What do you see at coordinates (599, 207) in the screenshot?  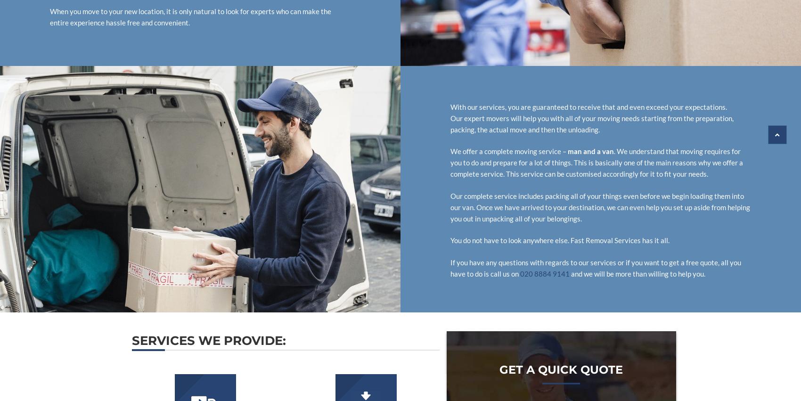 I see `'Our complete service includes packing all of your things even before we begin loading them into our van. Once we have arrived to your destination, we can even help you set up aside from helping you out in unpacking all of your belongings.'` at bounding box center [599, 207].